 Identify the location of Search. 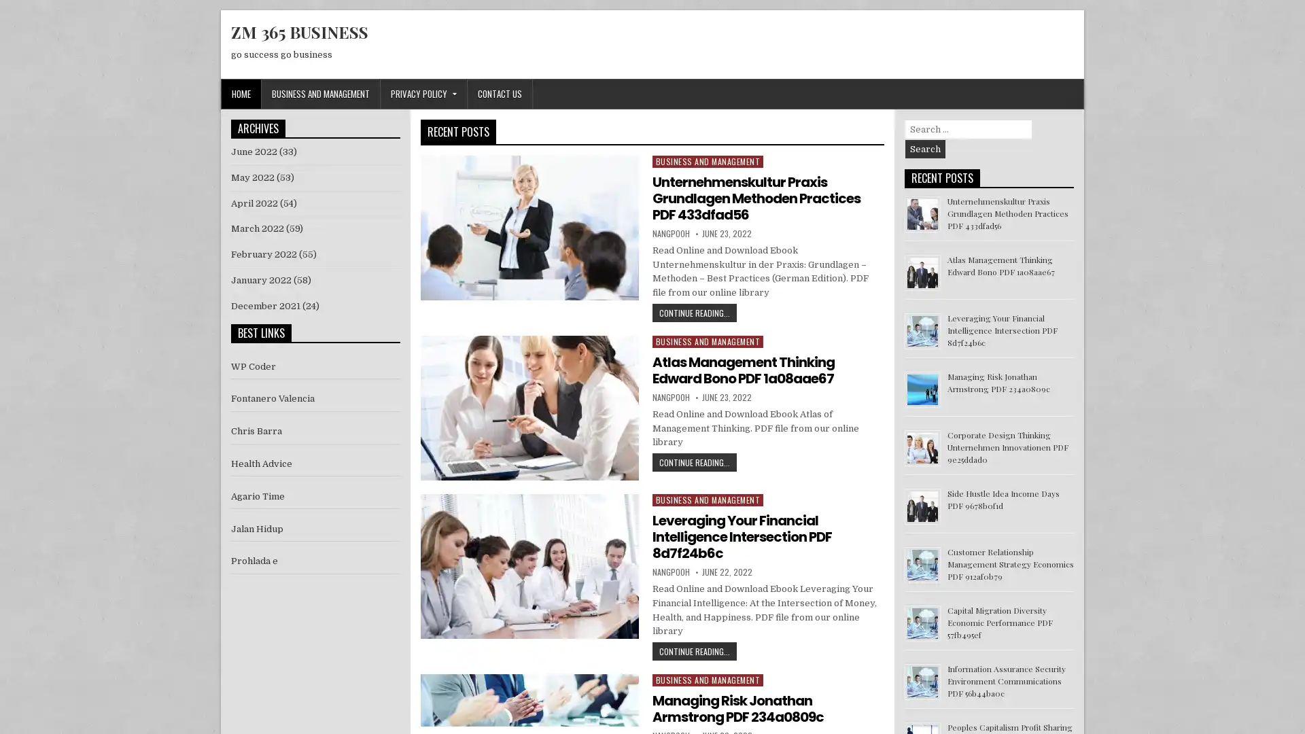
(924, 149).